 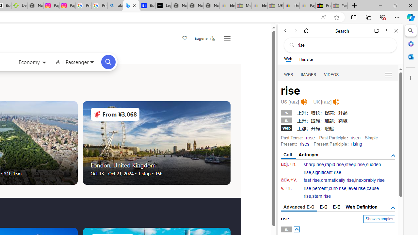 I want to click on 'fast rise', so click(x=312, y=180).